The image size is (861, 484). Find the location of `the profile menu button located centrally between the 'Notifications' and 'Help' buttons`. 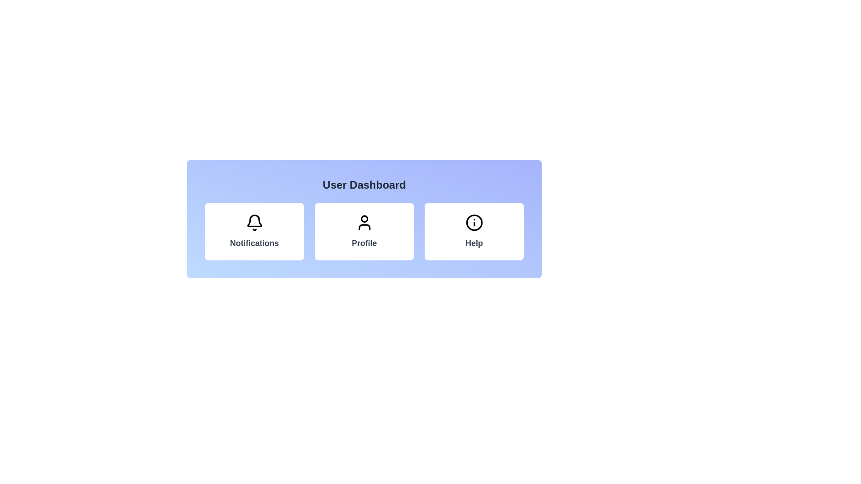

the profile menu button located centrally between the 'Notifications' and 'Help' buttons is located at coordinates (364, 231).